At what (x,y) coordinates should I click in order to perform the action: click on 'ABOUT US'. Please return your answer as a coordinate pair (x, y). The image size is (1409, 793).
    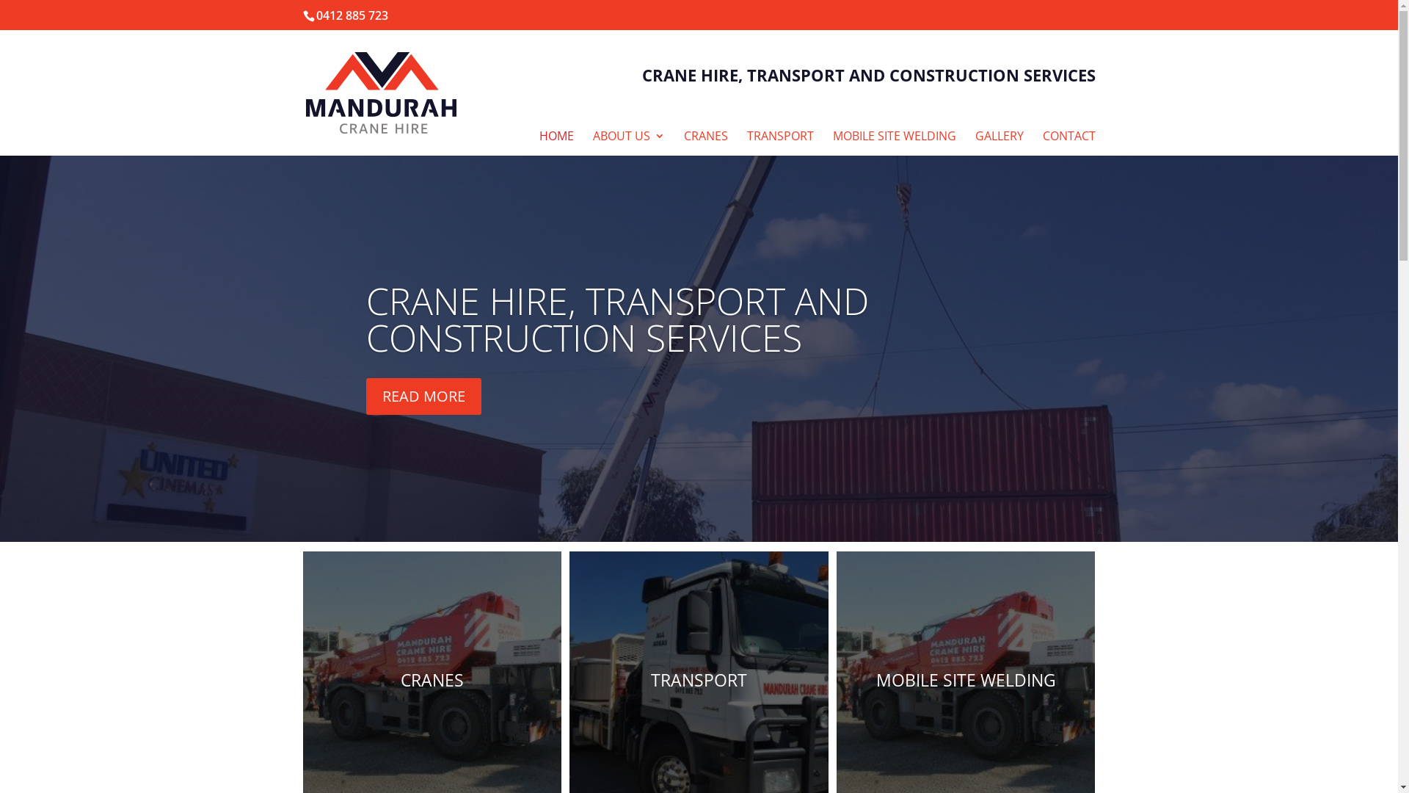
    Looking at the image, I should click on (629, 143).